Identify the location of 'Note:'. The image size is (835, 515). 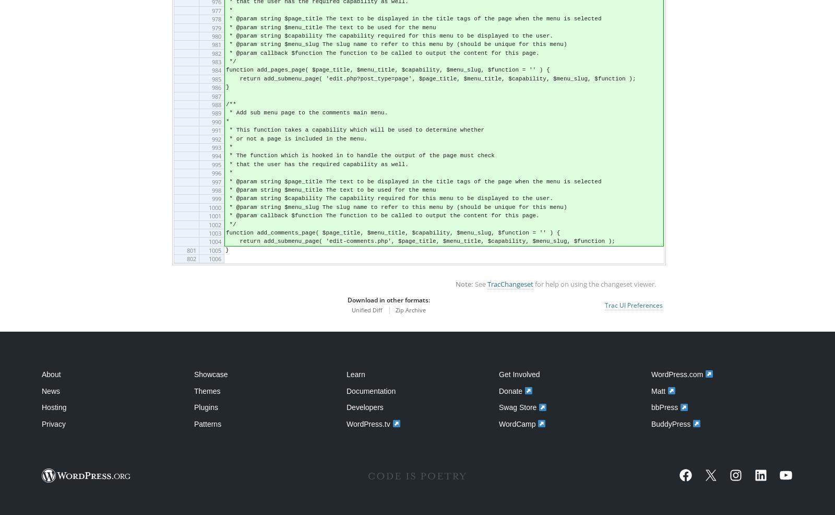
(455, 284).